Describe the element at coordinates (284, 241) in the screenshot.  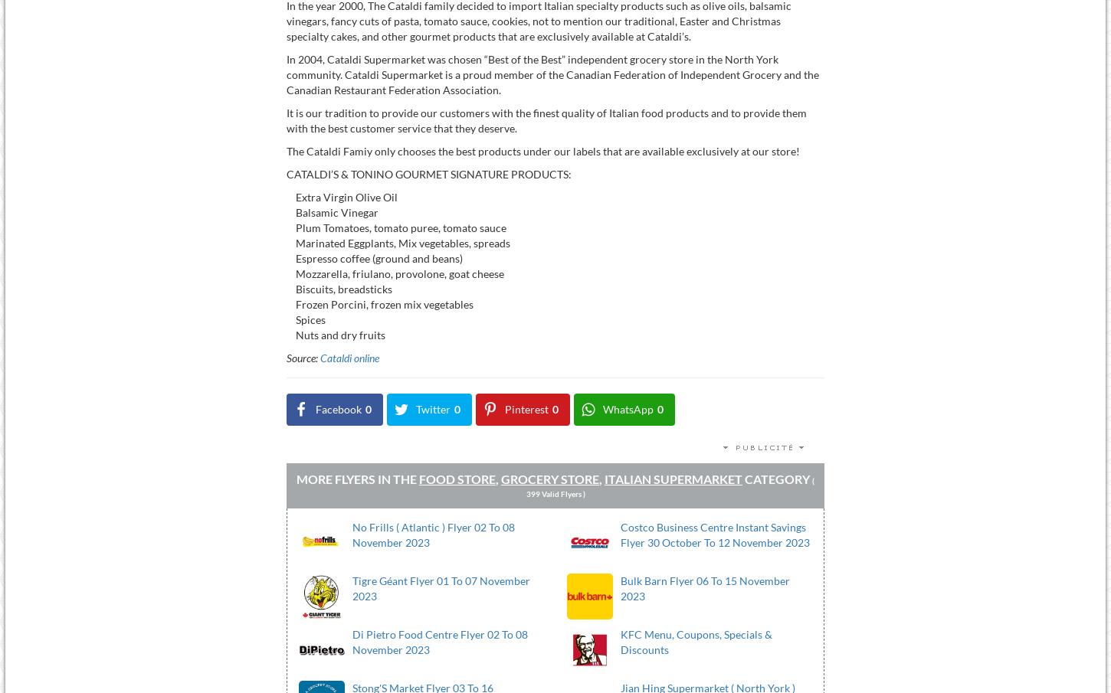
I see `'Marinated Eggplants, Mix vegetables, spreads'` at that location.